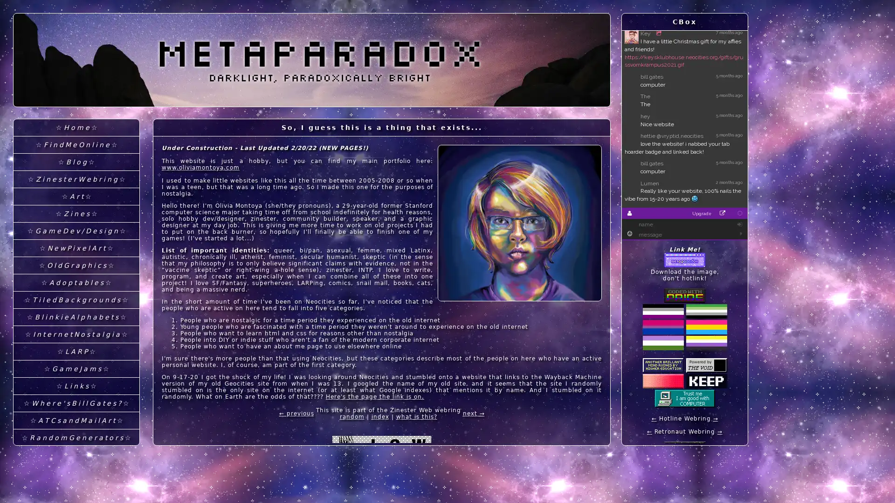 The width and height of the screenshot is (895, 503). I want to click on O l d G r a p h i c s, so click(76, 265).